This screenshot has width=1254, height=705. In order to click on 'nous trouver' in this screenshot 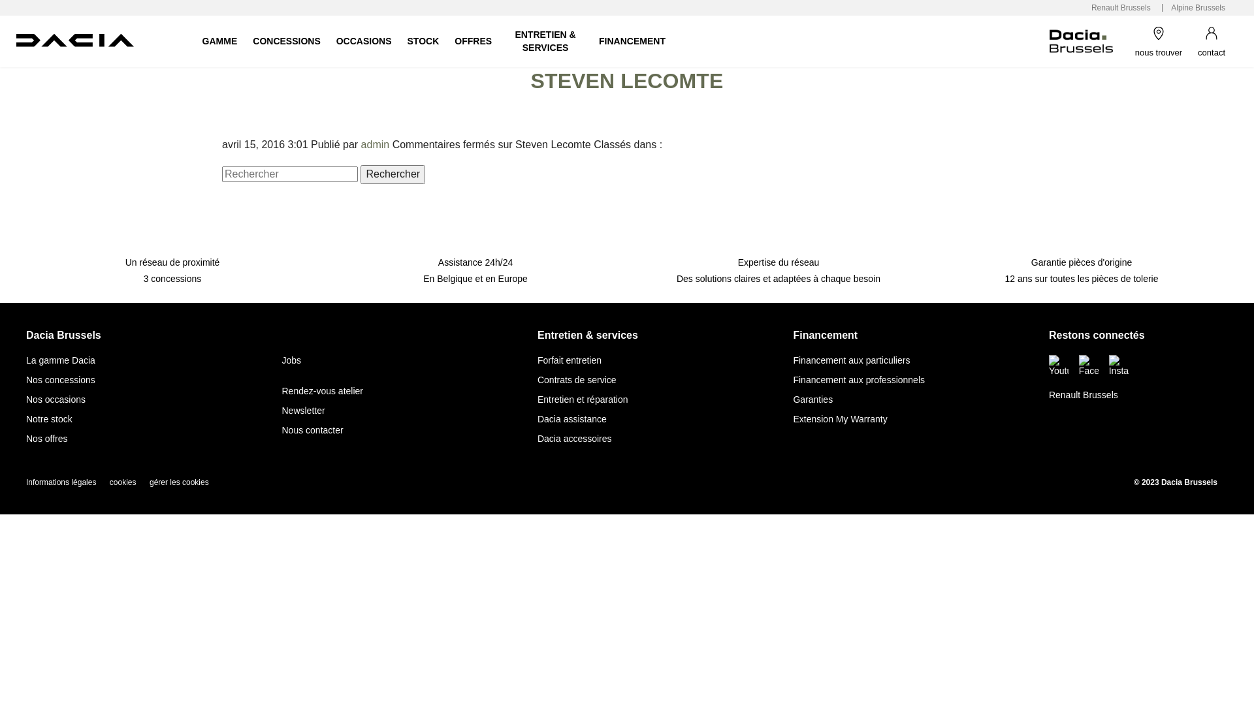, I will do `click(1159, 40)`.